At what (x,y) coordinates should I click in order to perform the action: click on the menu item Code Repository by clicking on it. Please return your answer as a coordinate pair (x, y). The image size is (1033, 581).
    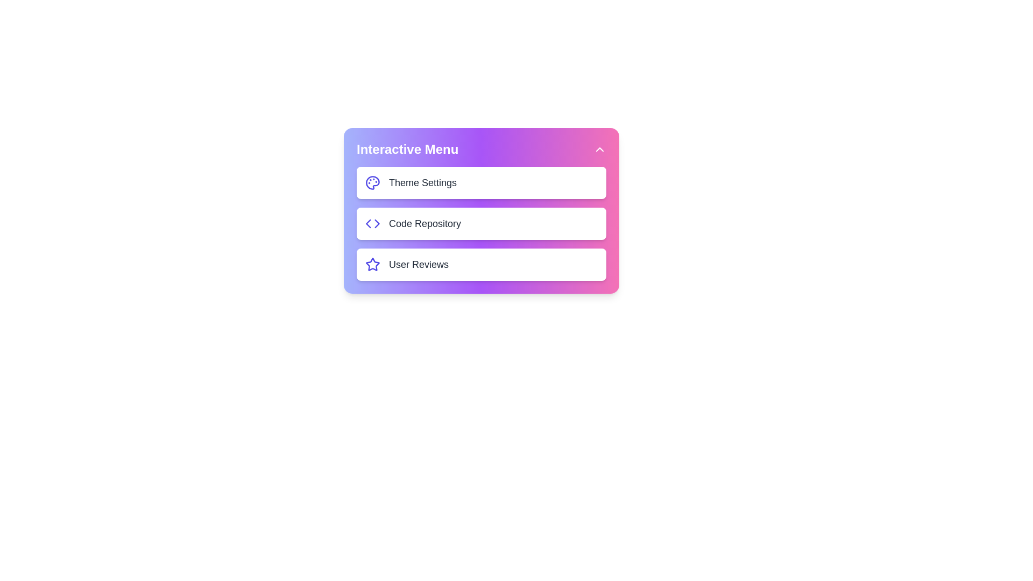
    Looking at the image, I should click on (480, 223).